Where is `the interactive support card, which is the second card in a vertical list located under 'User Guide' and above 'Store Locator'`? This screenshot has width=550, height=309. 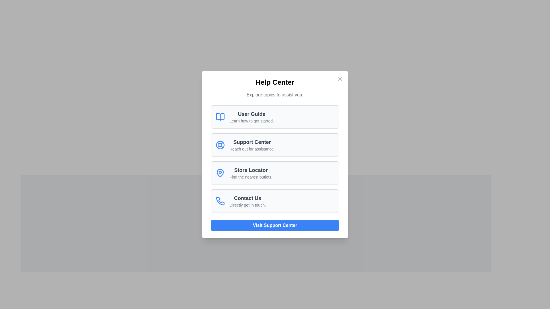 the interactive support card, which is the second card in a vertical list located under 'User Guide' and above 'Store Locator' is located at coordinates (275, 144).